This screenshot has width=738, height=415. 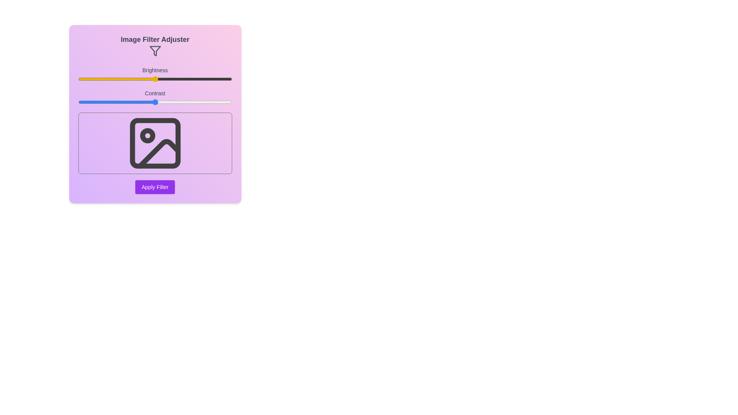 What do you see at coordinates (209, 102) in the screenshot?
I see `the contrast slider to 85%` at bounding box center [209, 102].